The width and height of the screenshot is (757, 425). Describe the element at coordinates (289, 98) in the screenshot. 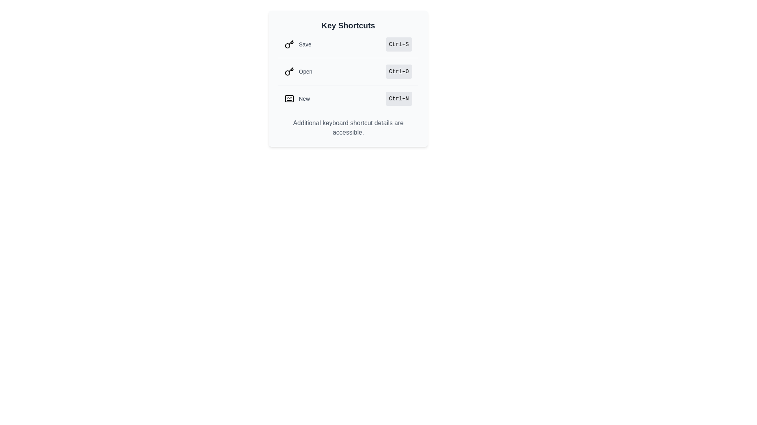

I see `the 'New' keyboard icon within the 'Key Shortcuts' card, which resembles a small rectangular graphic depicting keys` at that location.